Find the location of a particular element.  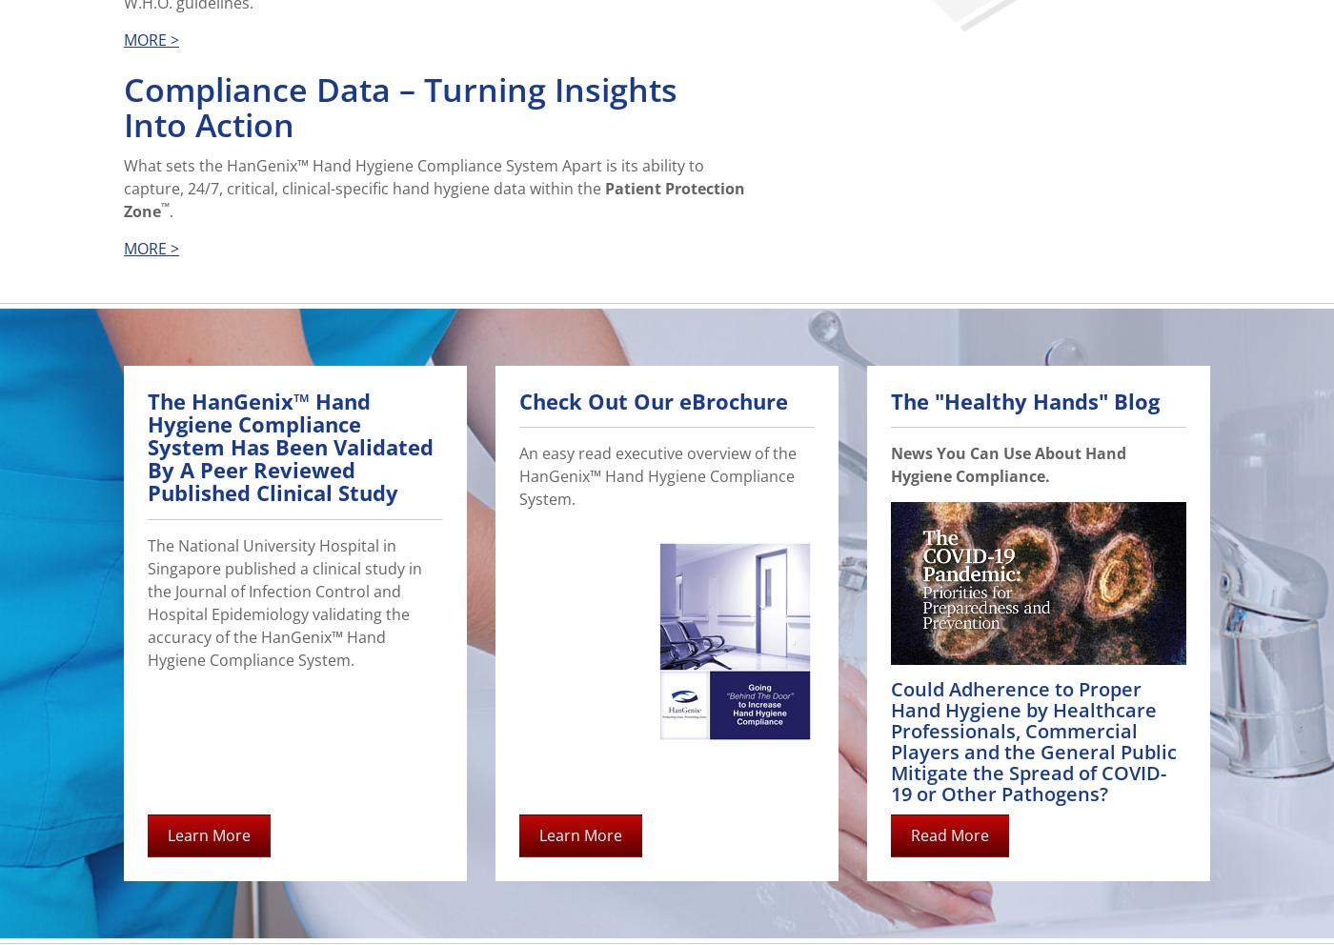

'The "Healthy Hands" Blog' is located at coordinates (1025, 399).